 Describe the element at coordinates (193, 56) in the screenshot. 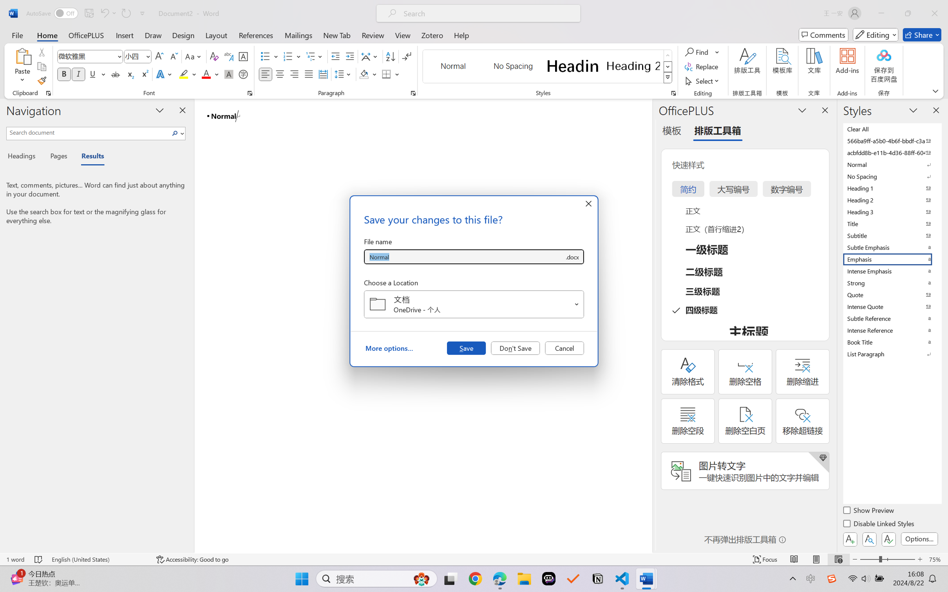

I see `'Change Case'` at that location.